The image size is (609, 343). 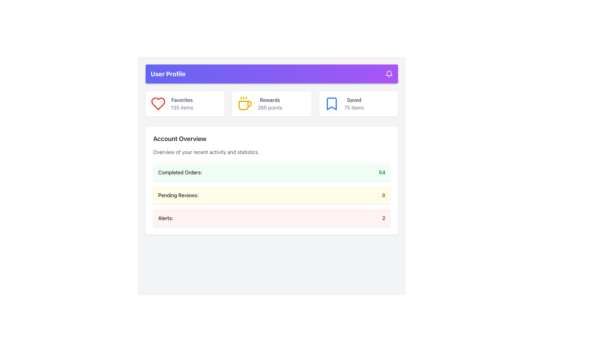 I want to click on the 'Favorites' icon, which is the leftmost icon in the top horizontal list of panels under the 'User Profile' banner, positioned to the left of the text 'Favorites' and '135 items', so click(x=158, y=104).